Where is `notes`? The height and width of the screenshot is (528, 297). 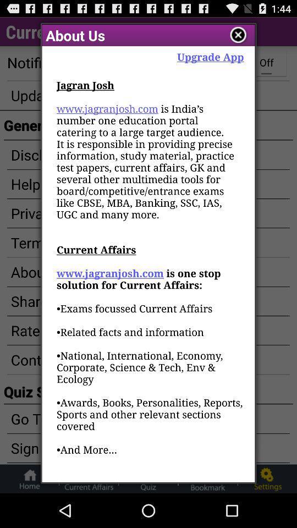 notes is located at coordinates (238, 35).